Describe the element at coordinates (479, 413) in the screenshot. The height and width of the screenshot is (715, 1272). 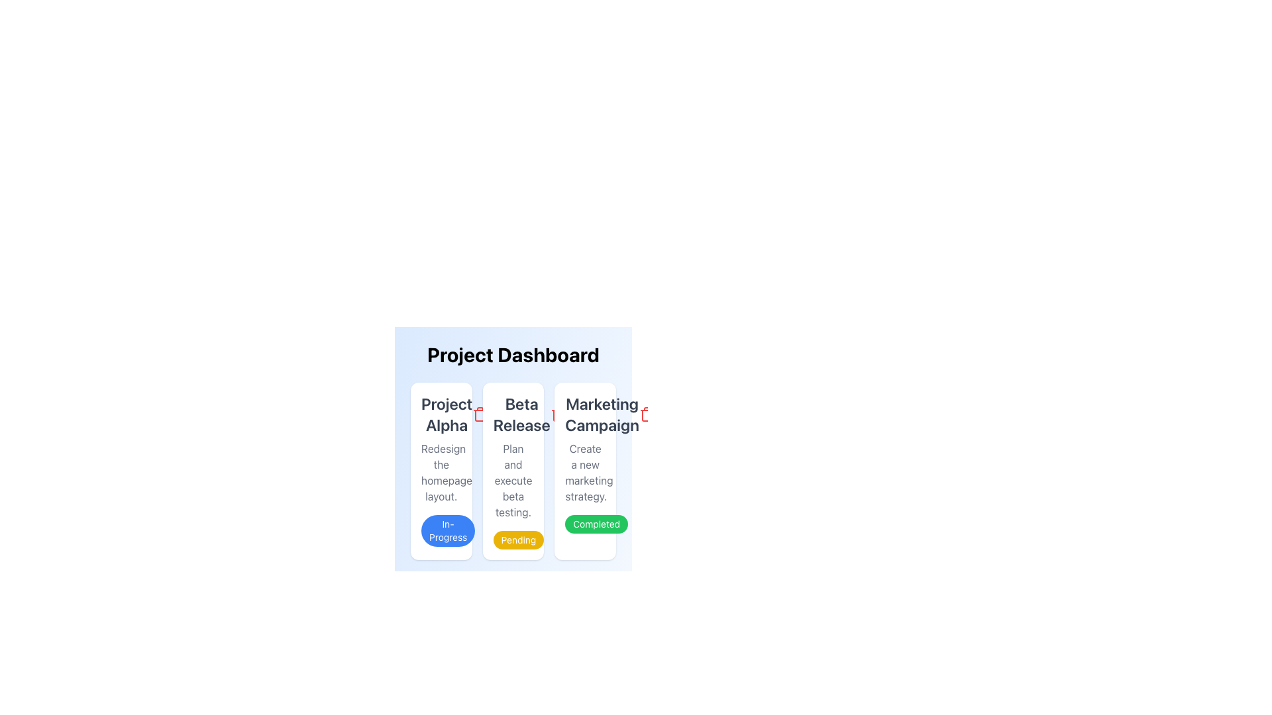
I see `the delete icon button located in the top-right corner of the 'Project Alpha' card` at that location.